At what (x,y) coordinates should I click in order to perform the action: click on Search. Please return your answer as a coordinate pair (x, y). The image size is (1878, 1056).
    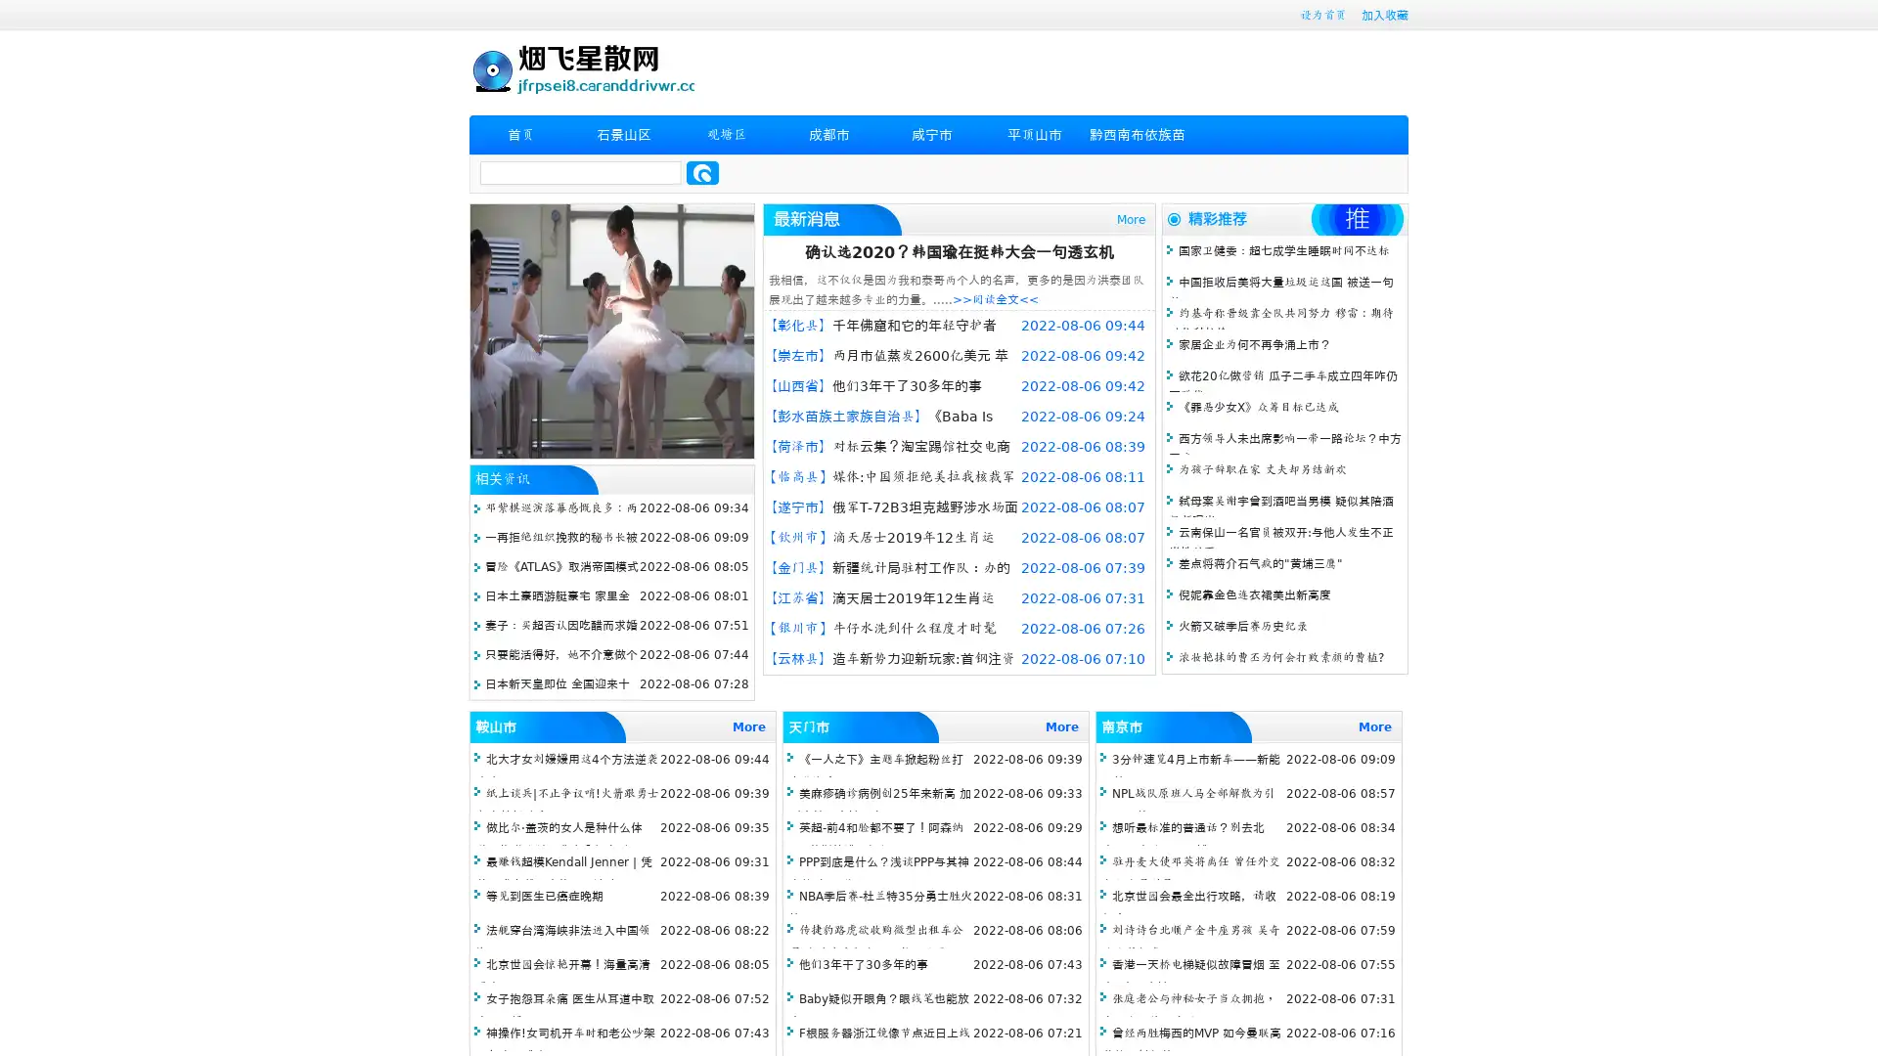
    Looking at the image, I should click on (702, 172).